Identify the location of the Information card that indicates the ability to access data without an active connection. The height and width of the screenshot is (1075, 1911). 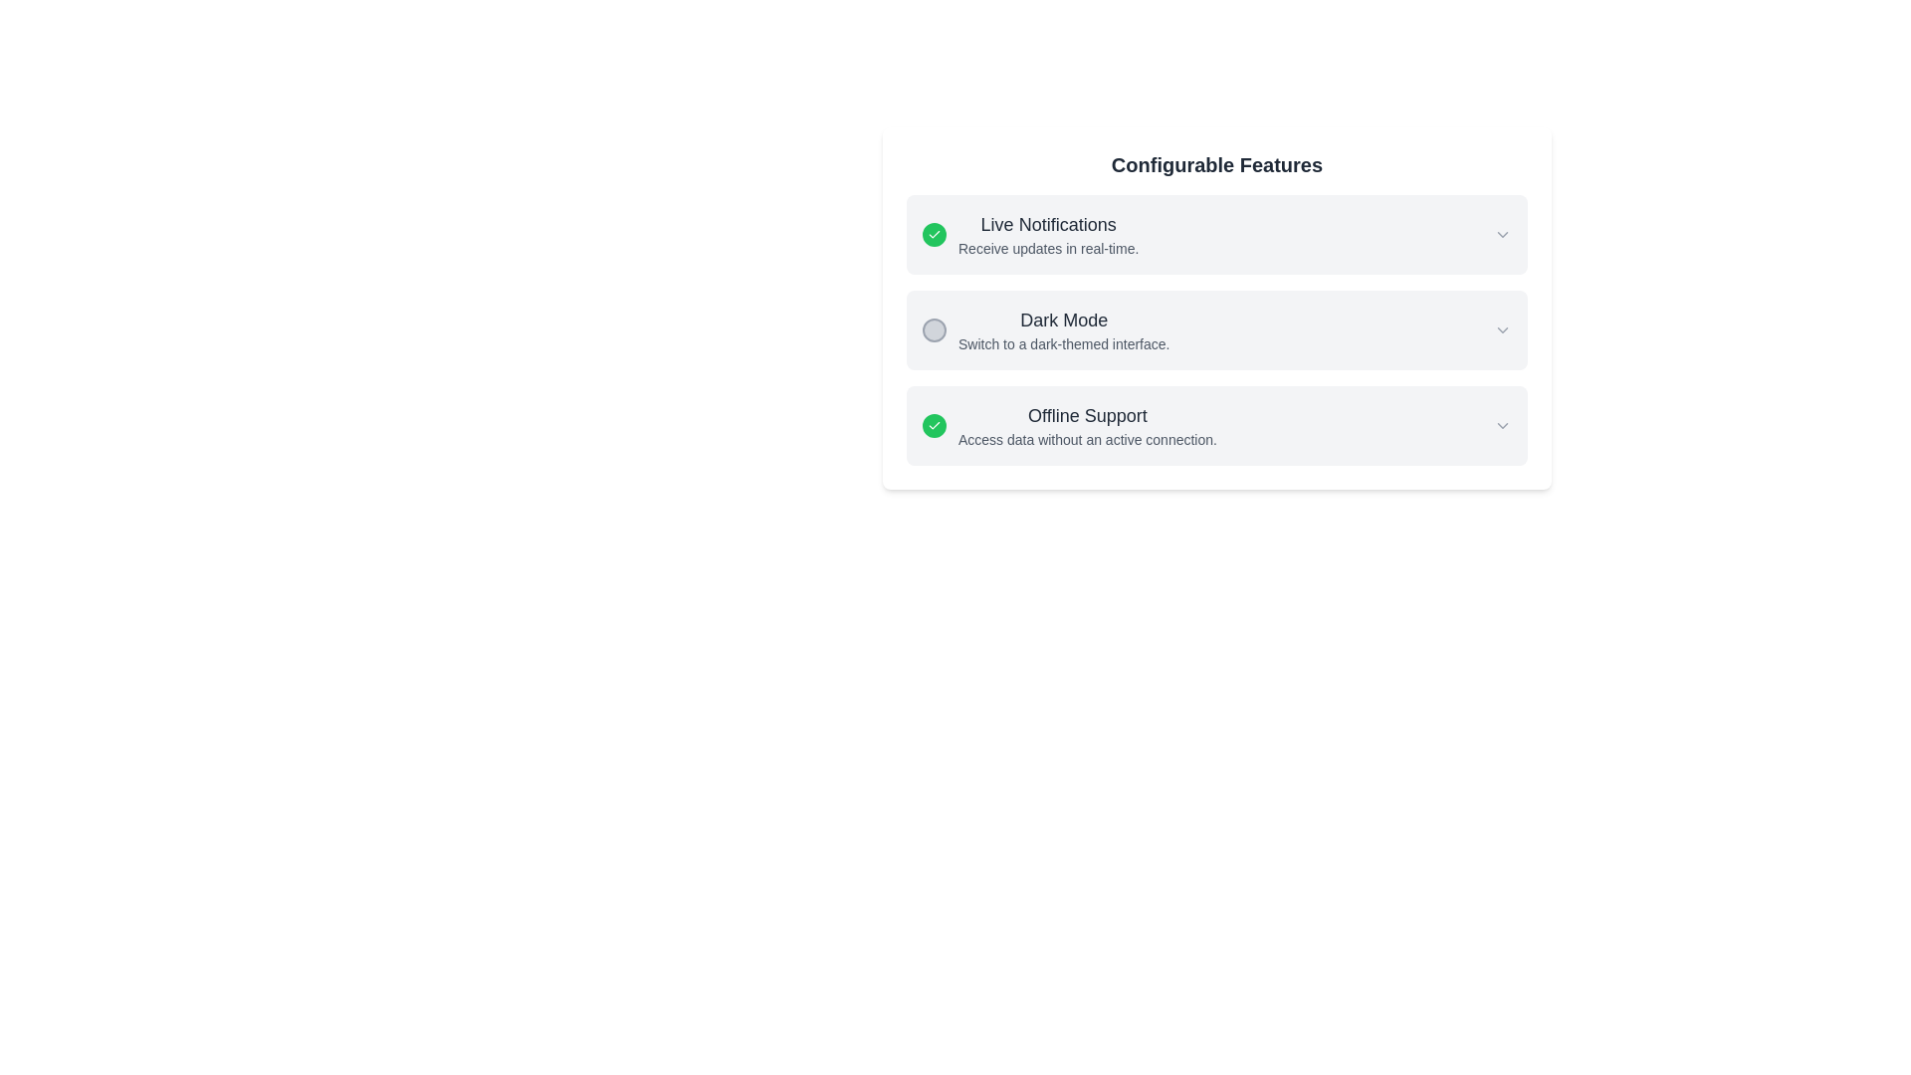
(1216, 425).